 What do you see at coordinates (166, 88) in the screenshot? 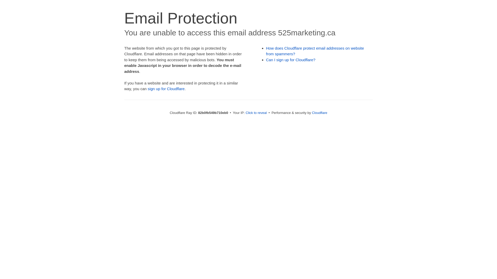
I see `'sign up for Cloudflare'` at bounding box center [166, 88].